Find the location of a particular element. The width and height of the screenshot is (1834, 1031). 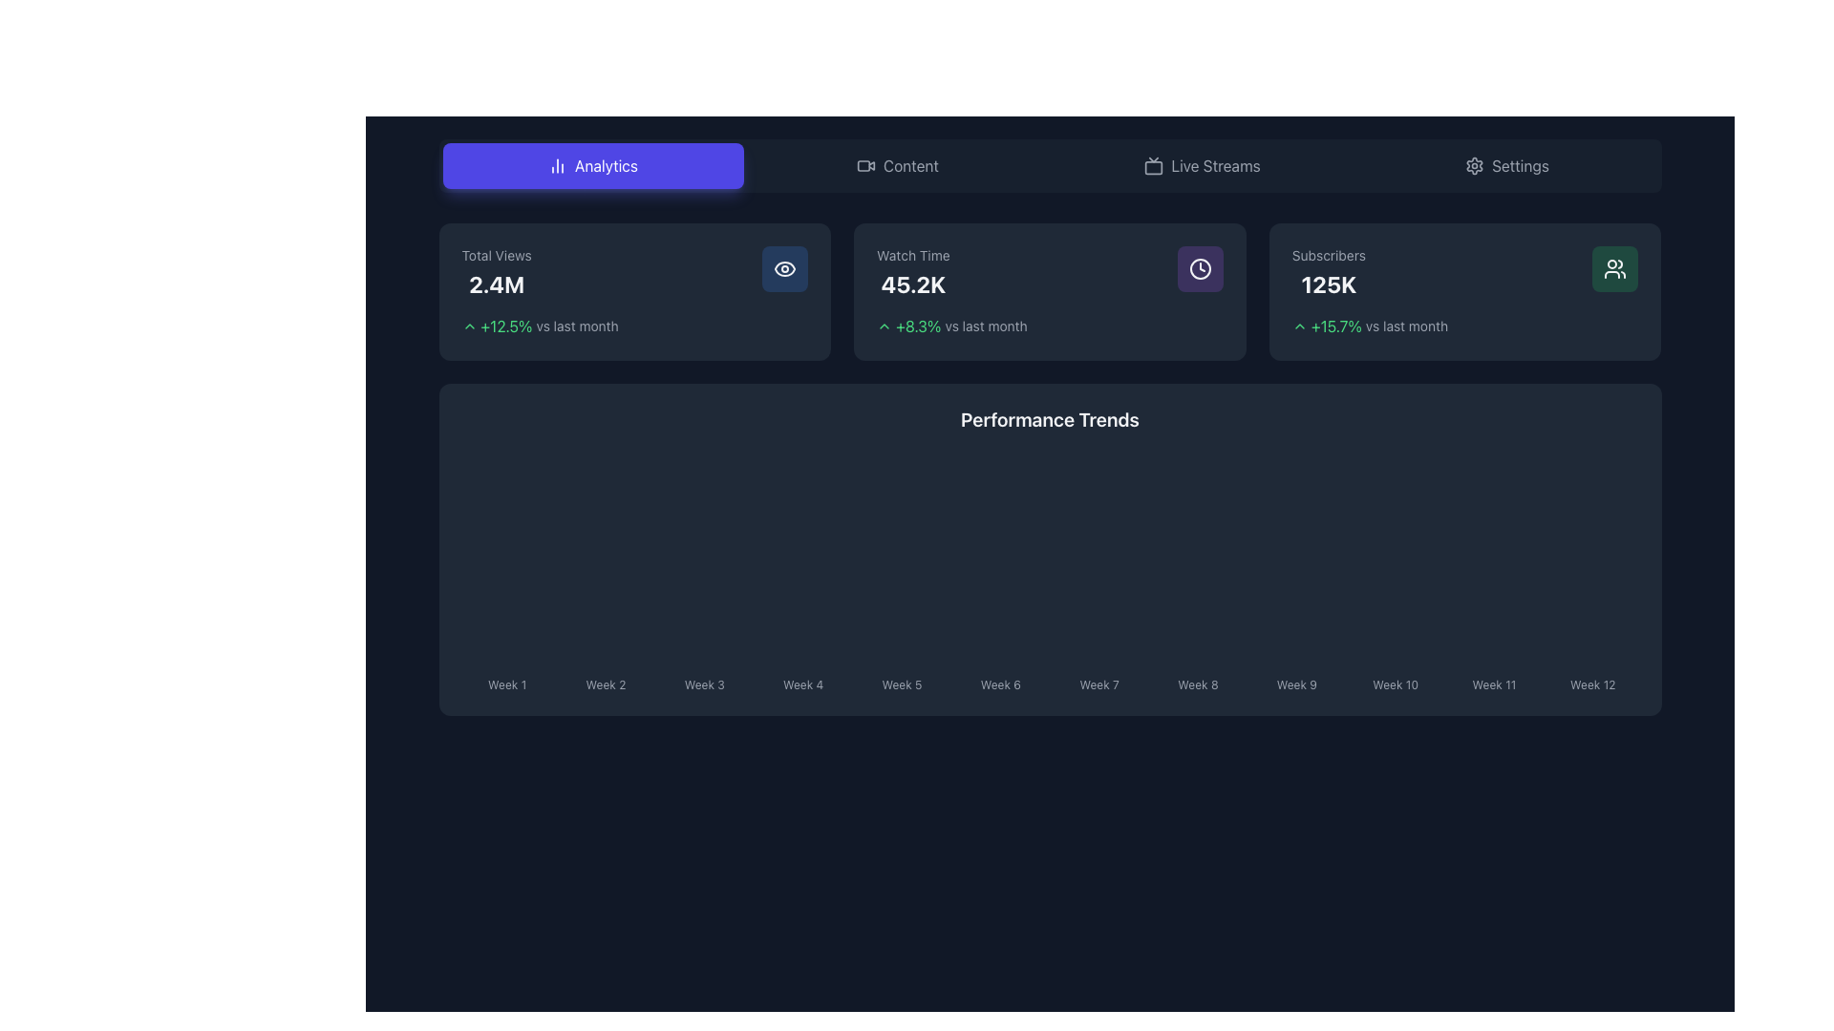

the eighth week label, which identifies the week represented in the chart and is centrally aligned beneath the 'Performance Trends' title is located at coordinates (1197, 680).